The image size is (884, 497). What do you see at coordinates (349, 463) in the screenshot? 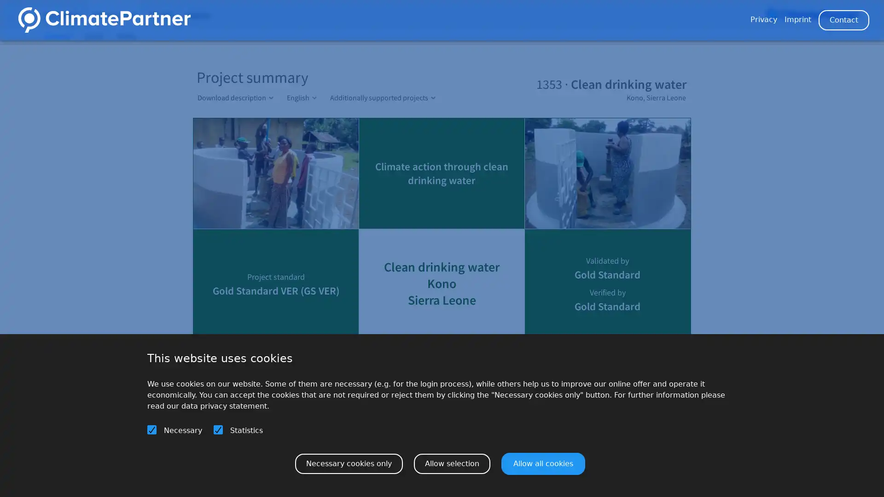
I see `Necessary cookies only` at bounding box center [349, 463].